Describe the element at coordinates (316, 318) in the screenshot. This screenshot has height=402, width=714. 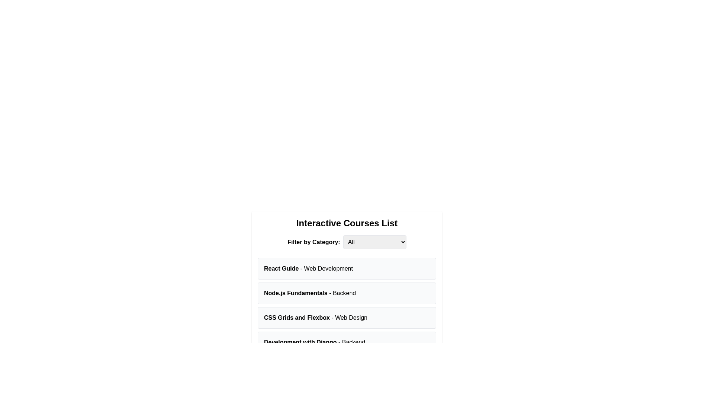
I see `the static text element that serves as a title for the educational course category, positioned as the third item in the 'Interactive Courses List'` at that location.